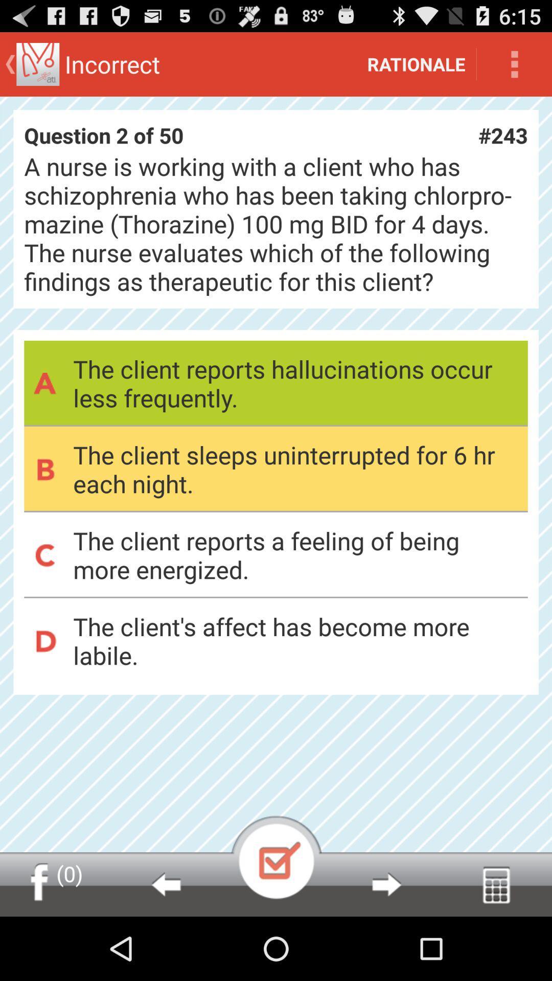 The image size is (552, 981). What do you see at coordinates (386, 884) in the screenshot?
I see `next page` at bounding box center [386, 884].